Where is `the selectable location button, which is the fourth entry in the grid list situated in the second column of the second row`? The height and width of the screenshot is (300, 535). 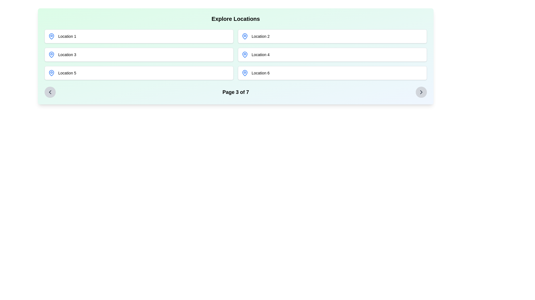
the selectable location button, which is the fourth entry in the grid list situated in the second column of the second row is located at coordinates (332, 54).